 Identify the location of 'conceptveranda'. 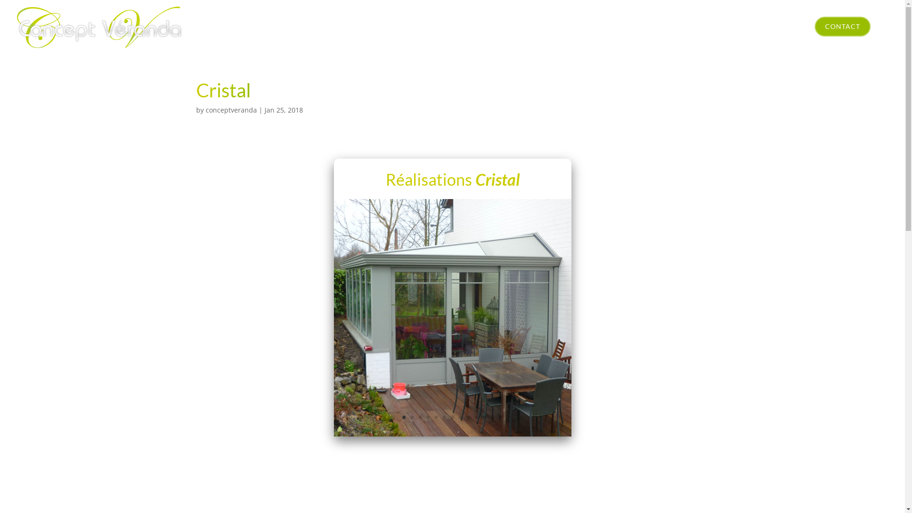
(230, 109).